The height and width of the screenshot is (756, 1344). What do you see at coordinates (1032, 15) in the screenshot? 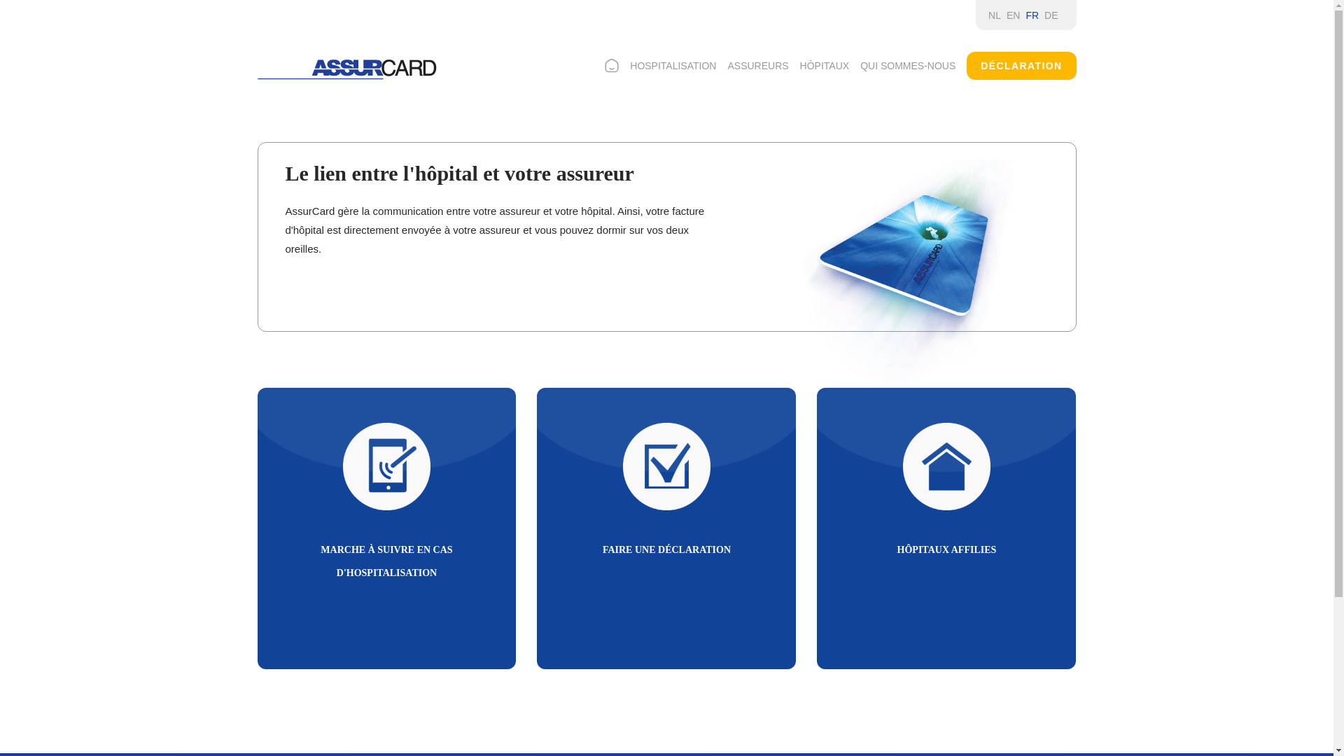
I see `'FR'` at bounding box center [1032, 15].